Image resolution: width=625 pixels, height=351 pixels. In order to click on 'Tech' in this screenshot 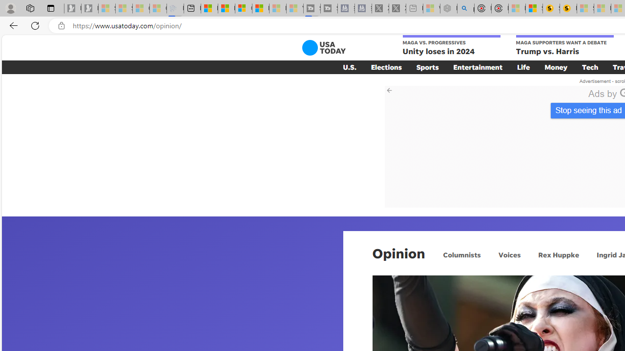, I will do `click(589, 66)`.